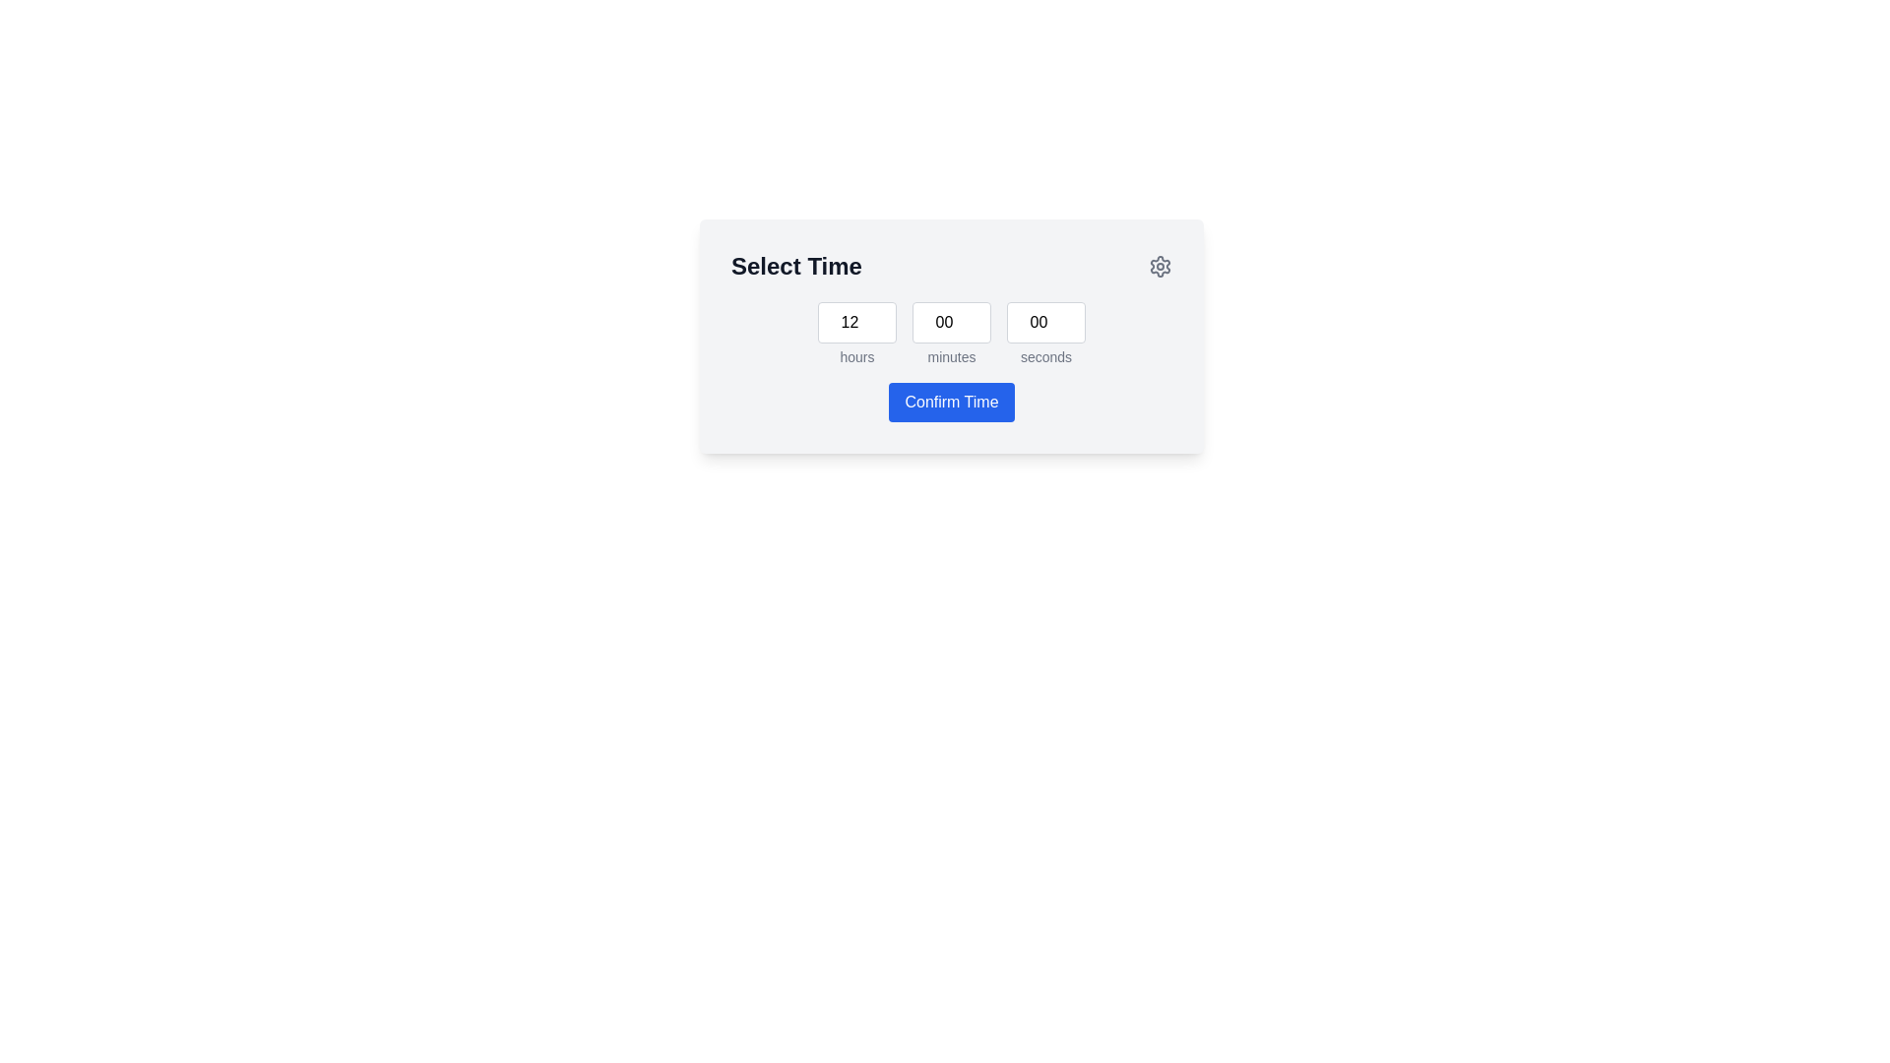 The height and width of the screenshot is (1063, 1890). I want to click on the small text label displaying 'seconds', which is styled with a muted gray color and is located directly beneath the numeric input for seconds, so click(1044, 356).